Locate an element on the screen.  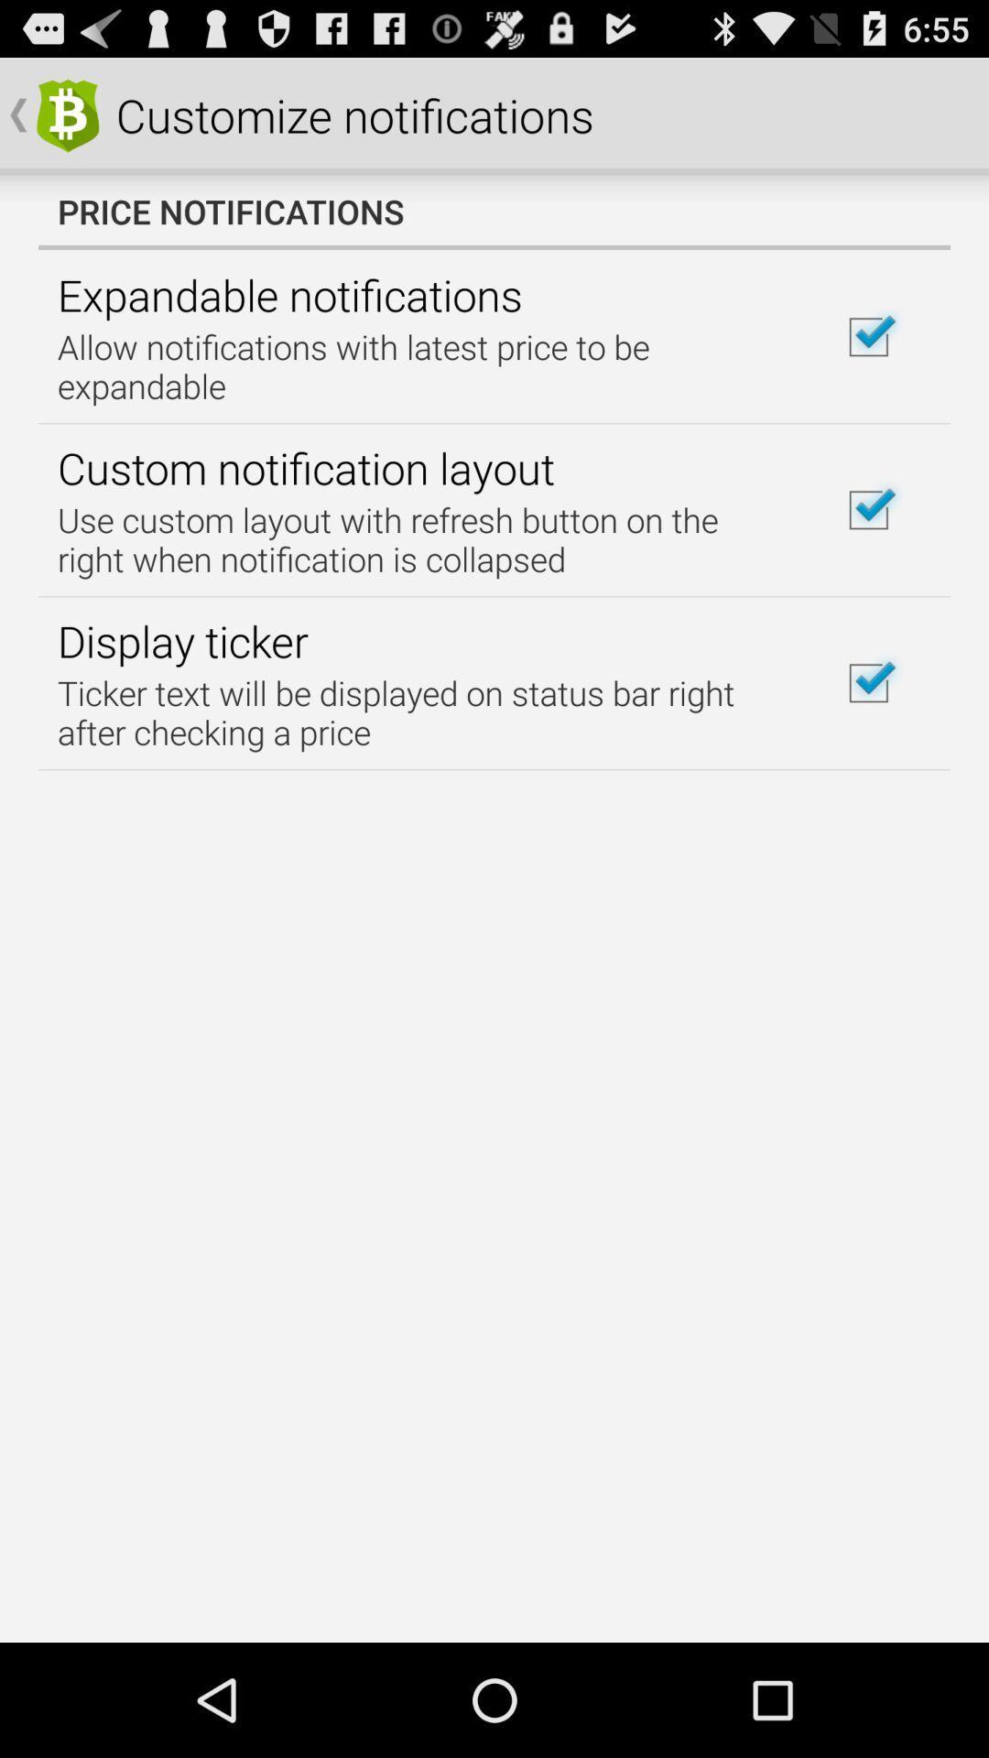
the icon below the display ticker item is located at coordinates (424, 711).